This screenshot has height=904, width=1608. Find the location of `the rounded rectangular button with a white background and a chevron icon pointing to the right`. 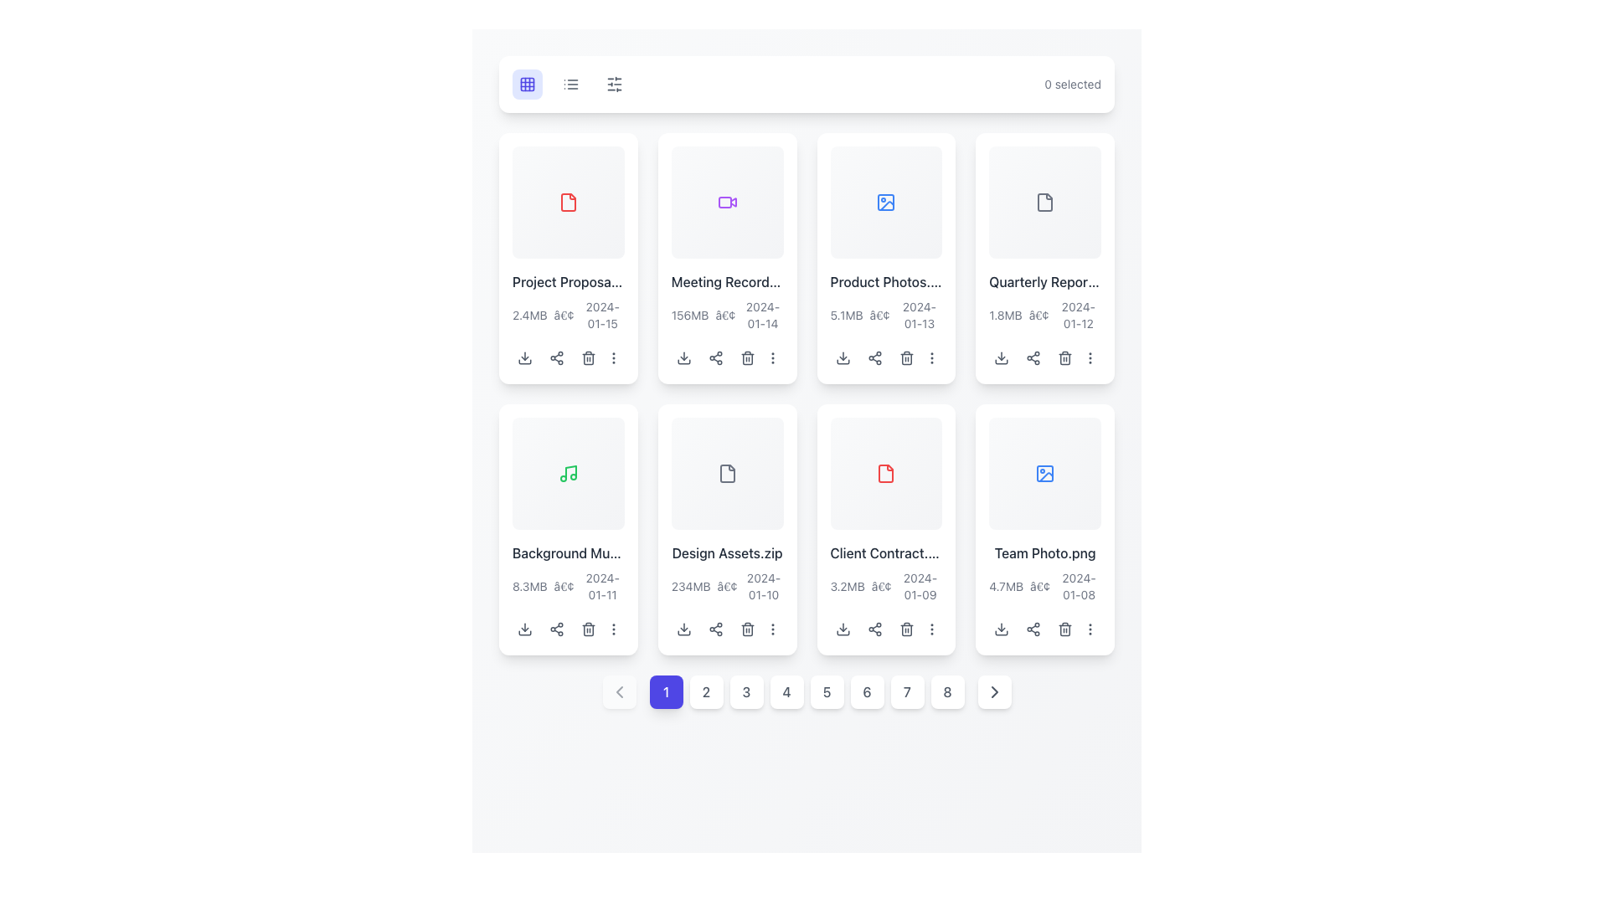

the rounded rectangular button with a white background and a chevron icon pointing to the right is located at coordinates (994, 691).